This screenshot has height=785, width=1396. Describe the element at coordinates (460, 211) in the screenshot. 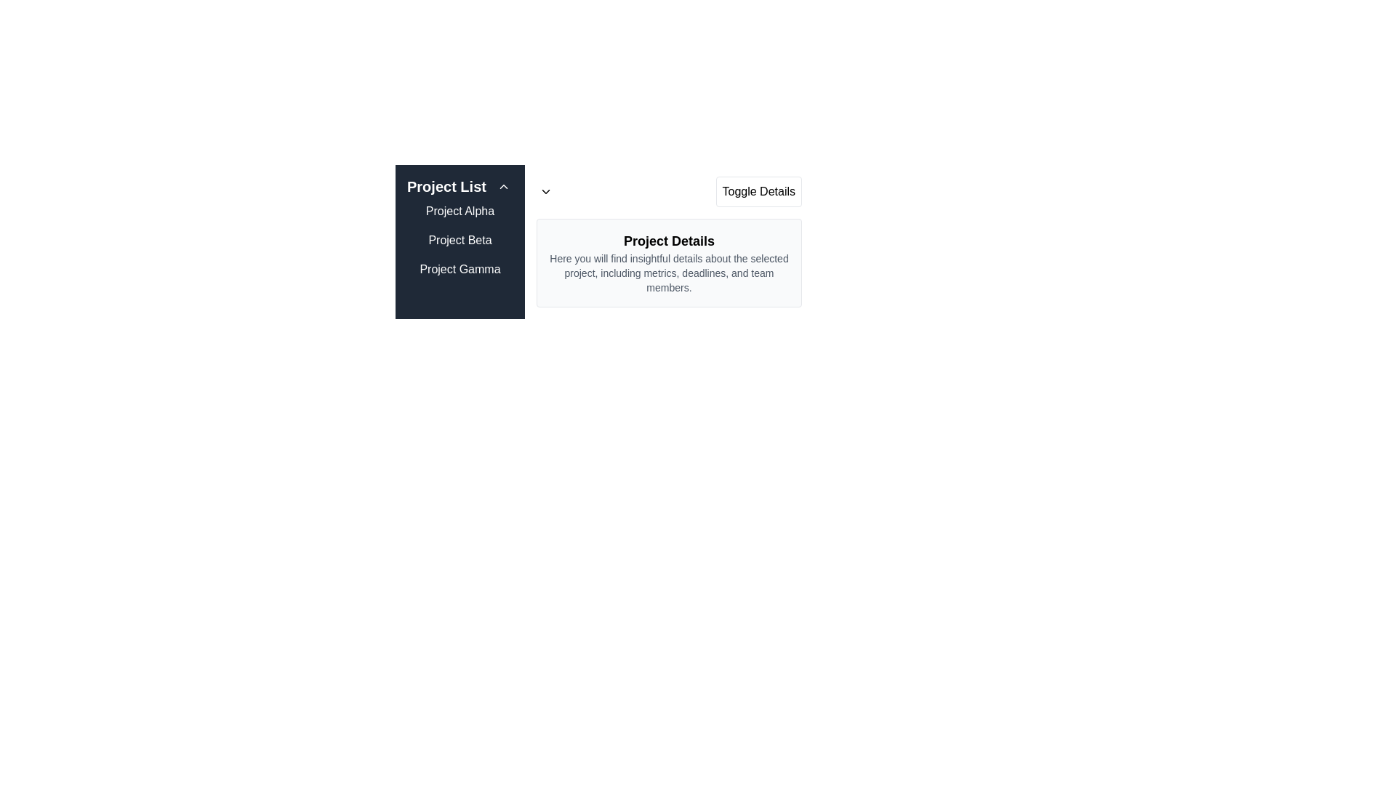

I see `the first item in the 'Project List' labeled 'Project Alpha', which is positioned above 'Project Beta' and 'Project Gamma'` at that location.